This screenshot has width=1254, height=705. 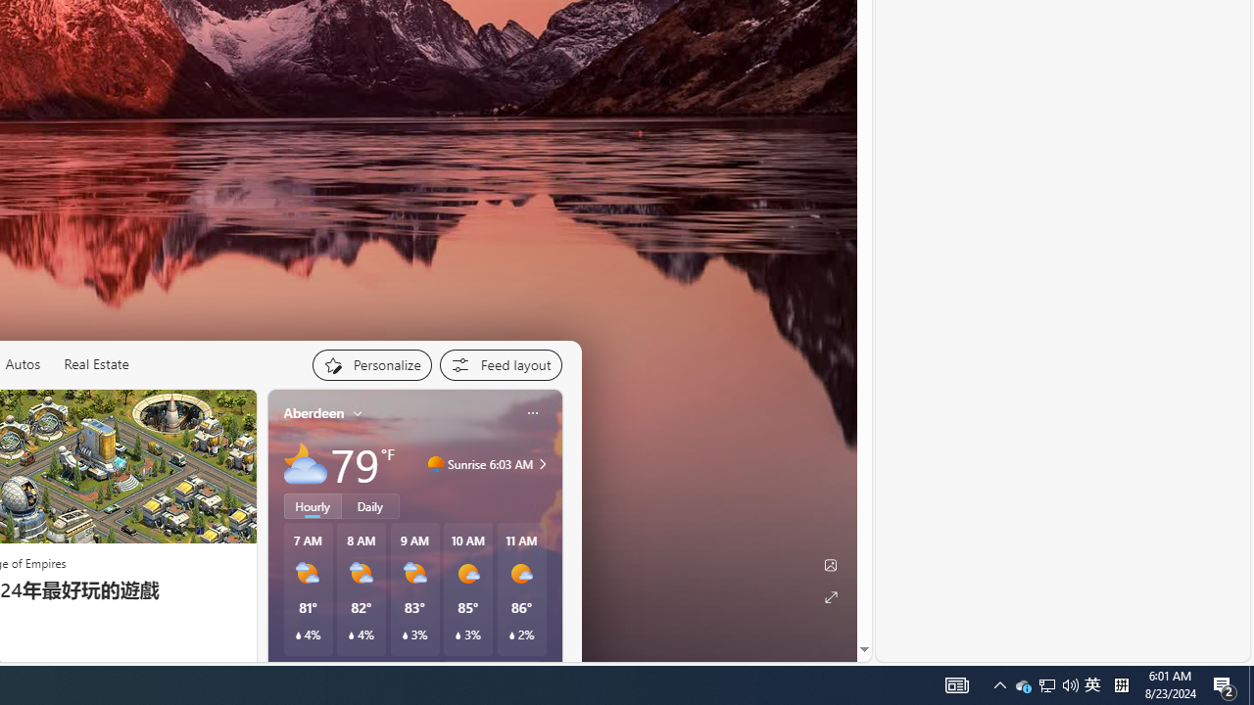 What do you see at coordinates (312, 504) in the screenshot?
I see `'Hourly'` at bounding box center [312, 504].